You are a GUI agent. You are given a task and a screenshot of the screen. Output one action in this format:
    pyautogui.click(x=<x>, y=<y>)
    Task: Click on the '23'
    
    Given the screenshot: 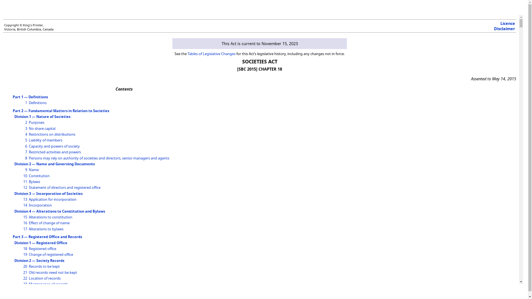 What is the action you would take?
    pyautogui.click(x=25, y=284)
    